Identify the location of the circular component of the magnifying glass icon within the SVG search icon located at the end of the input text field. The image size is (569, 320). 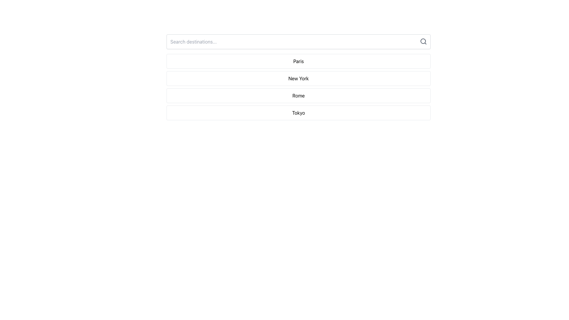
(423, 41).